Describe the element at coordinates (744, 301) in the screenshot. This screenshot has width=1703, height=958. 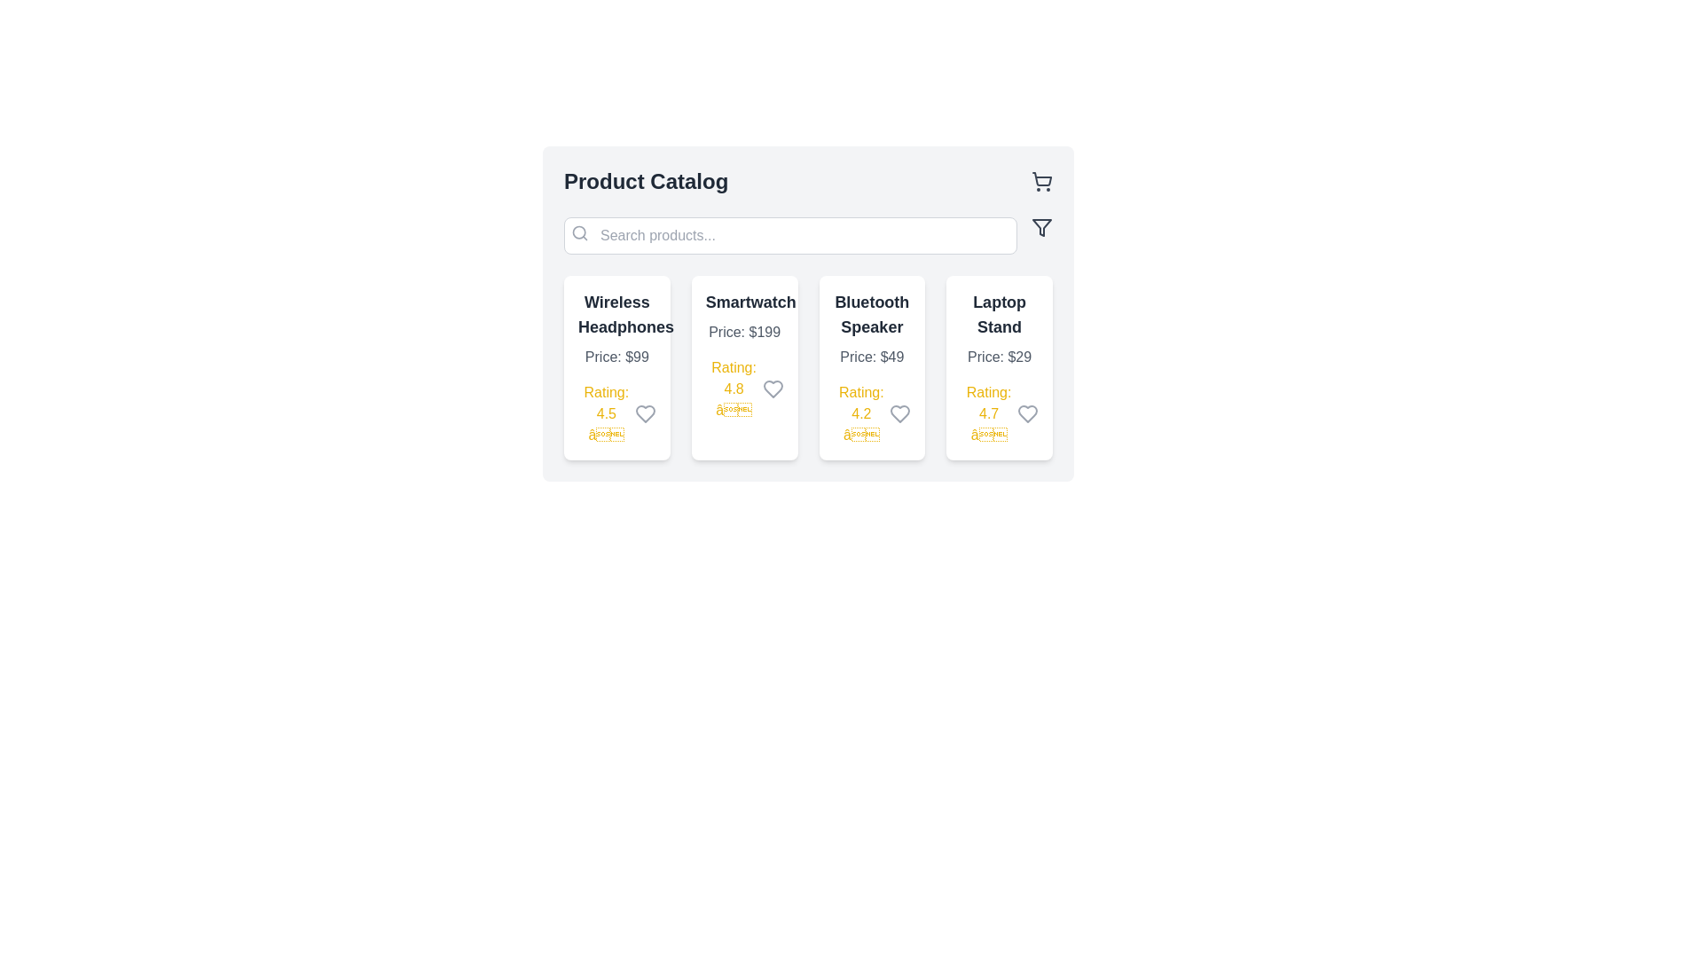
I see `the text label displaying 'Smartwatch' in bold, dark gray font located in the second card of the product catalog` at that location.